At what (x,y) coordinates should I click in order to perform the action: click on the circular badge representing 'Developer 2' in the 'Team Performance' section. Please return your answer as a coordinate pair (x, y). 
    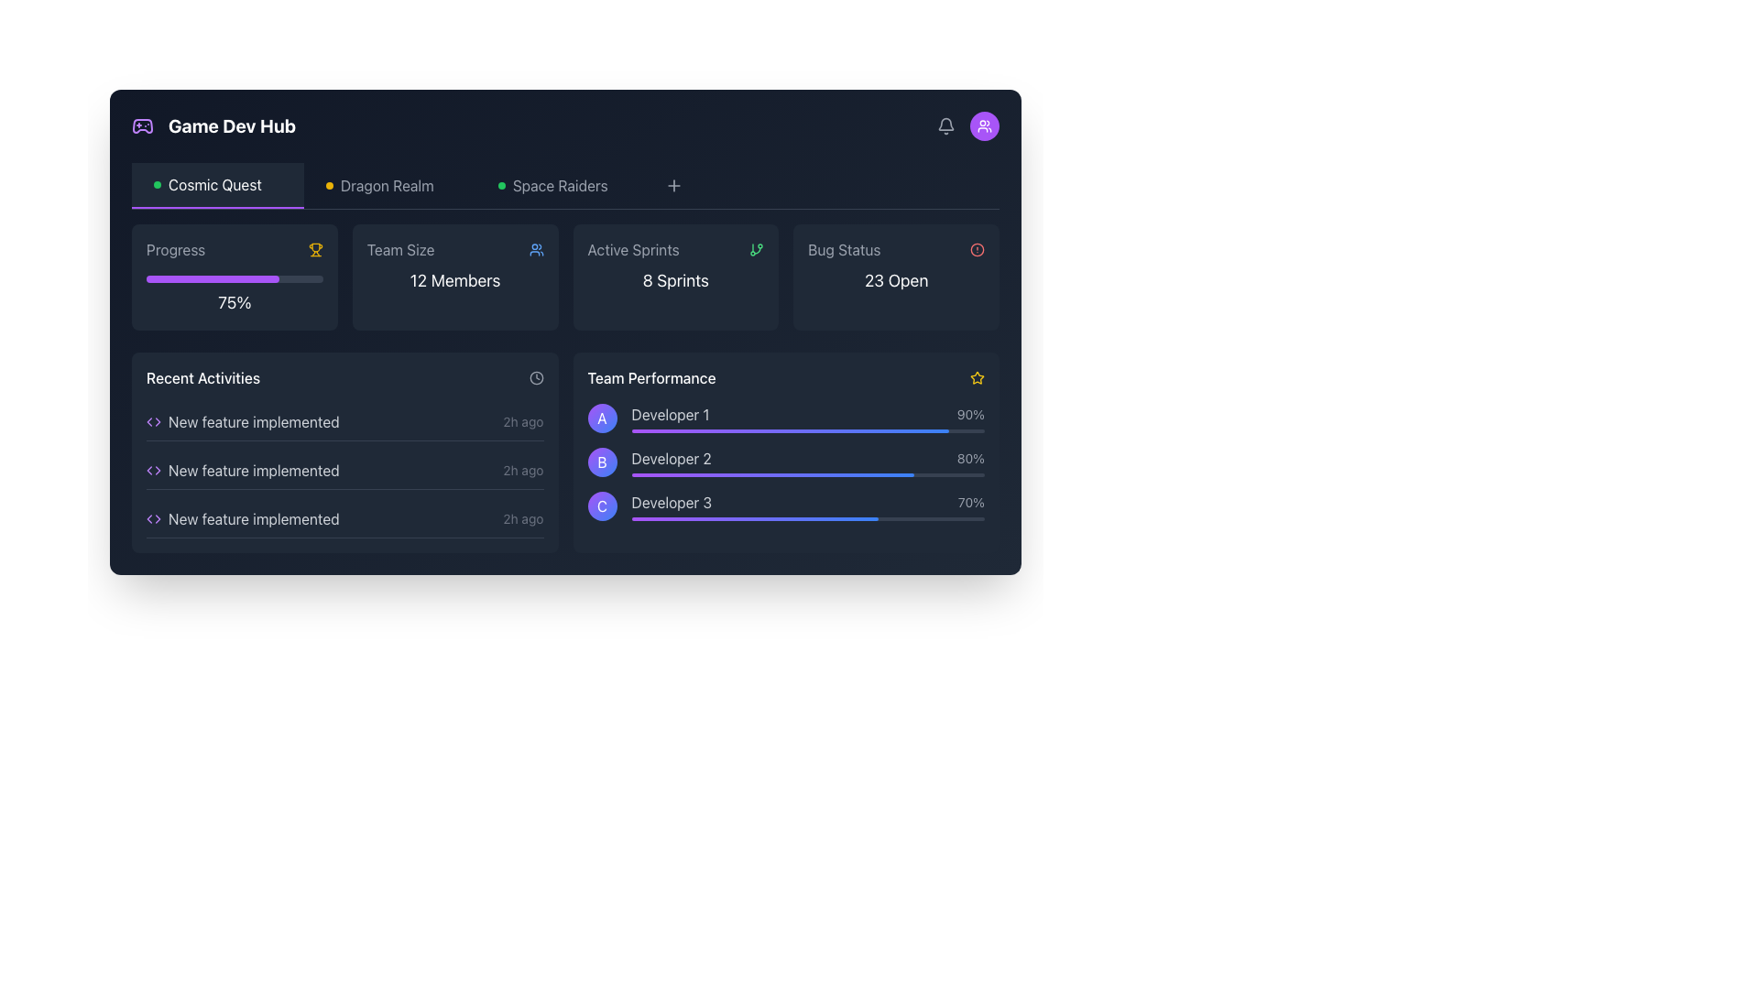
    Looking at the image, I should click on (602, 462).